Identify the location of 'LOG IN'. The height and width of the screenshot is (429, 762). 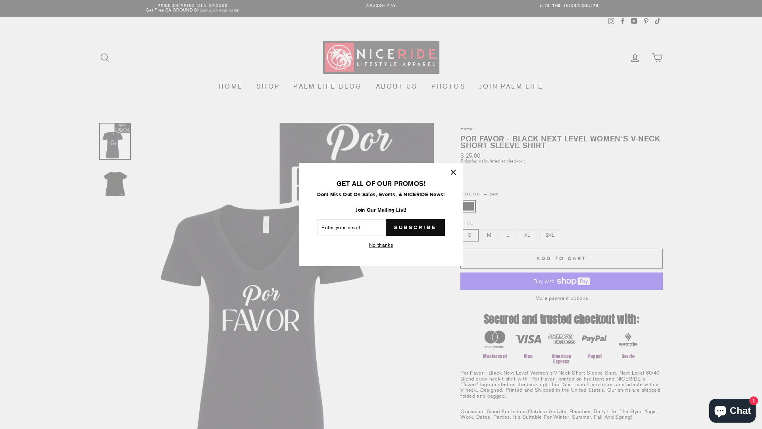
(634, 57).